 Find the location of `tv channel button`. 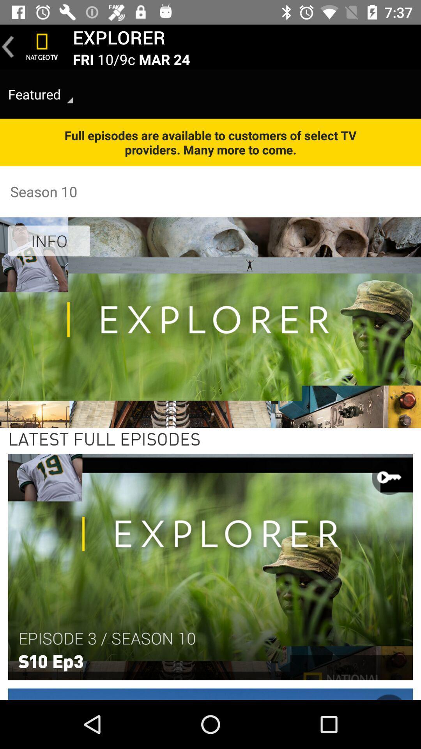

tv channel button is located at coordinates (42, 46).